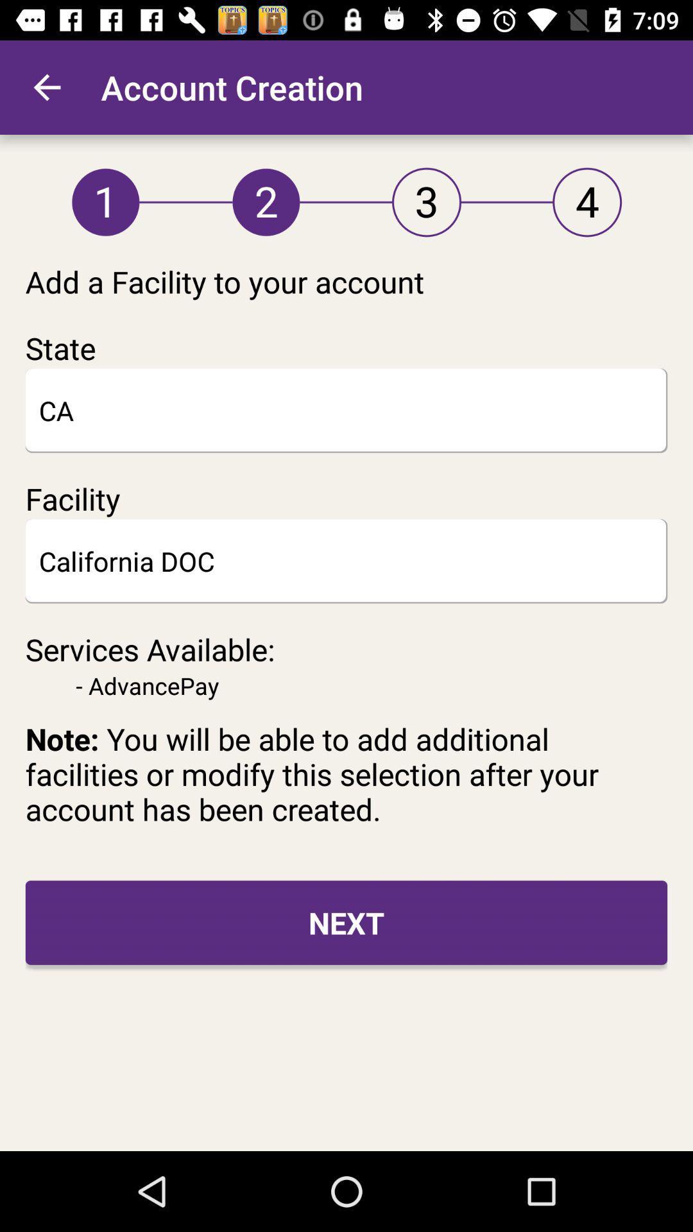 This screenshot has height=1232, width=693. Describe the element at coordinates (346, 922) in the screenshot. I see `next` at that location.